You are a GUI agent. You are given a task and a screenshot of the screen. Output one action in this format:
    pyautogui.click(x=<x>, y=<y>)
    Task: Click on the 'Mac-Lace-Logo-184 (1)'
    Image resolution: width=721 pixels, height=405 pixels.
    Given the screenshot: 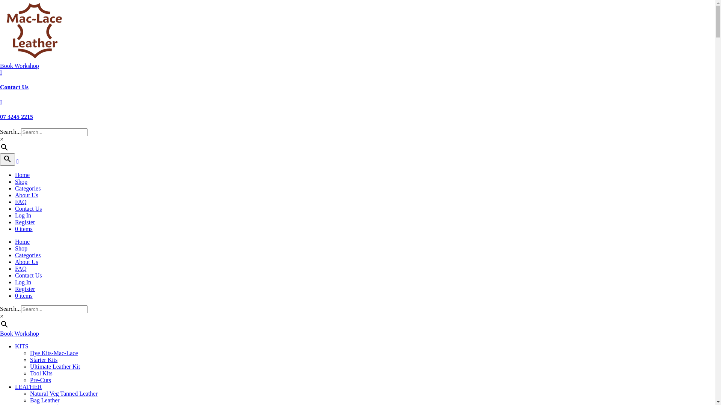 What is the action you would take?
    pyautogui.click(x=34, y=30)
    